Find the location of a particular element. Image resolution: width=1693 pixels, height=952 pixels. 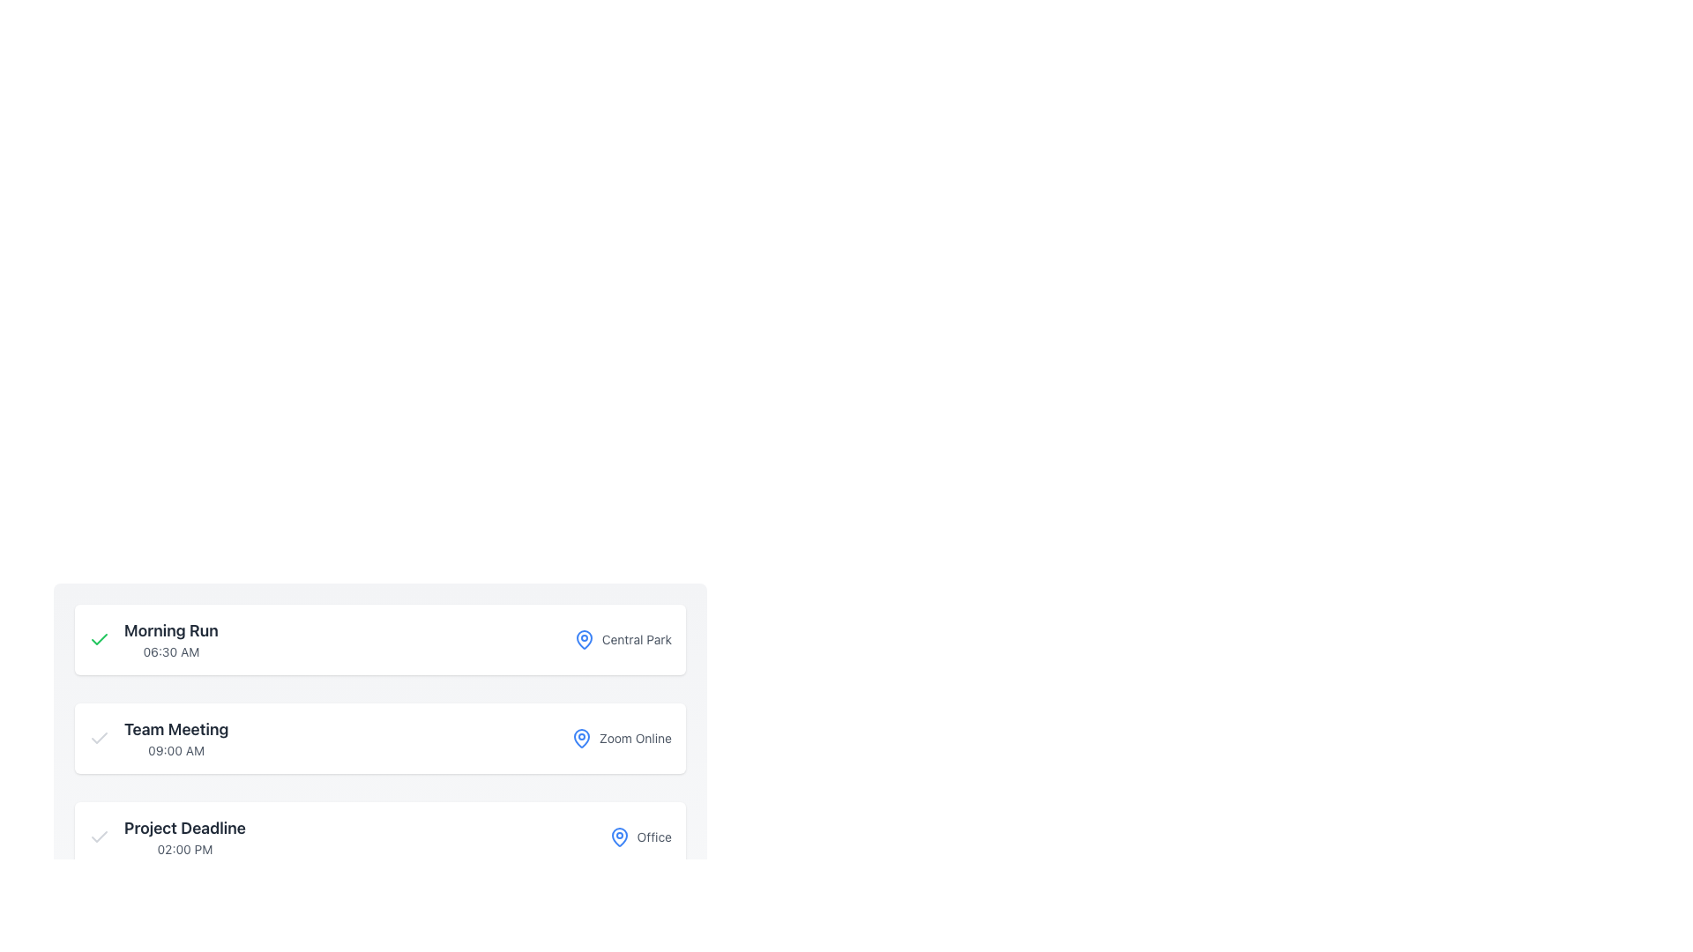

the TextLabel displaying '09:00 AM', which is styled with a smaller gray font and positioned directly below the 'Team Meeting' title in the meeting scheduling interface is located at coordinates (176, 751).